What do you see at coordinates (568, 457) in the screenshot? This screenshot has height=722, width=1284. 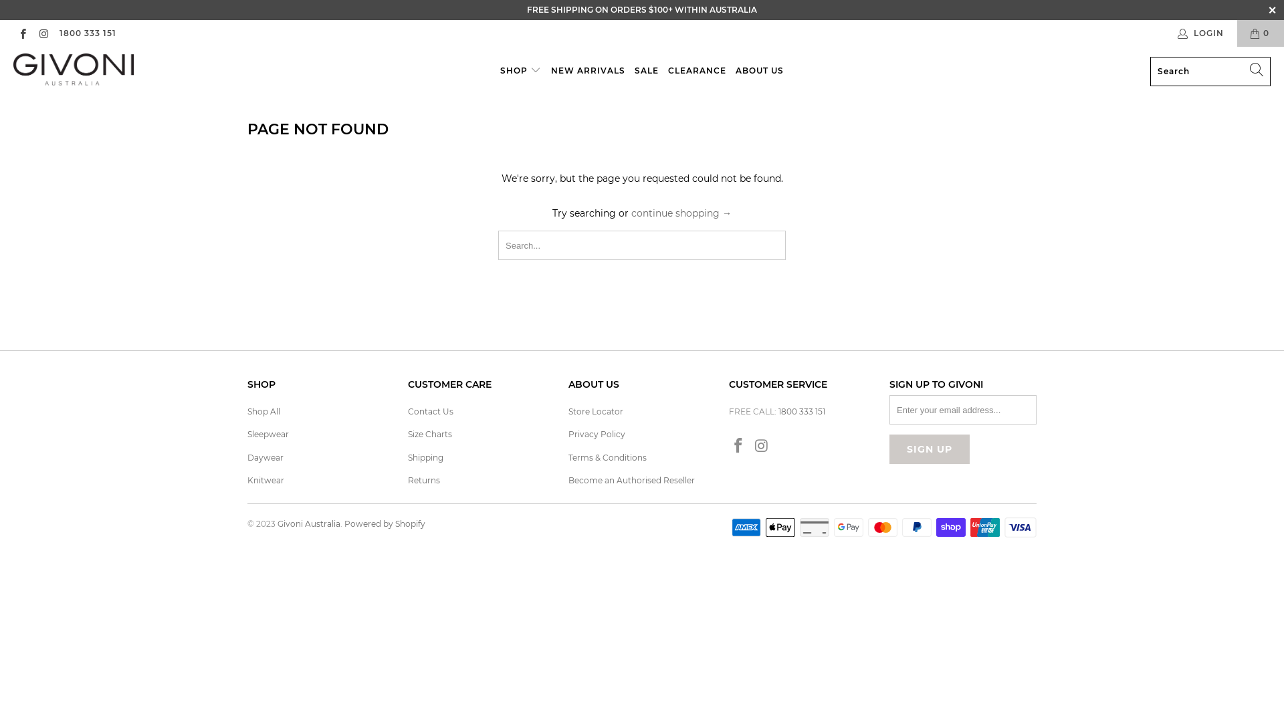 I see `'Terms & Conditions'` at bounding box center [568, 457].